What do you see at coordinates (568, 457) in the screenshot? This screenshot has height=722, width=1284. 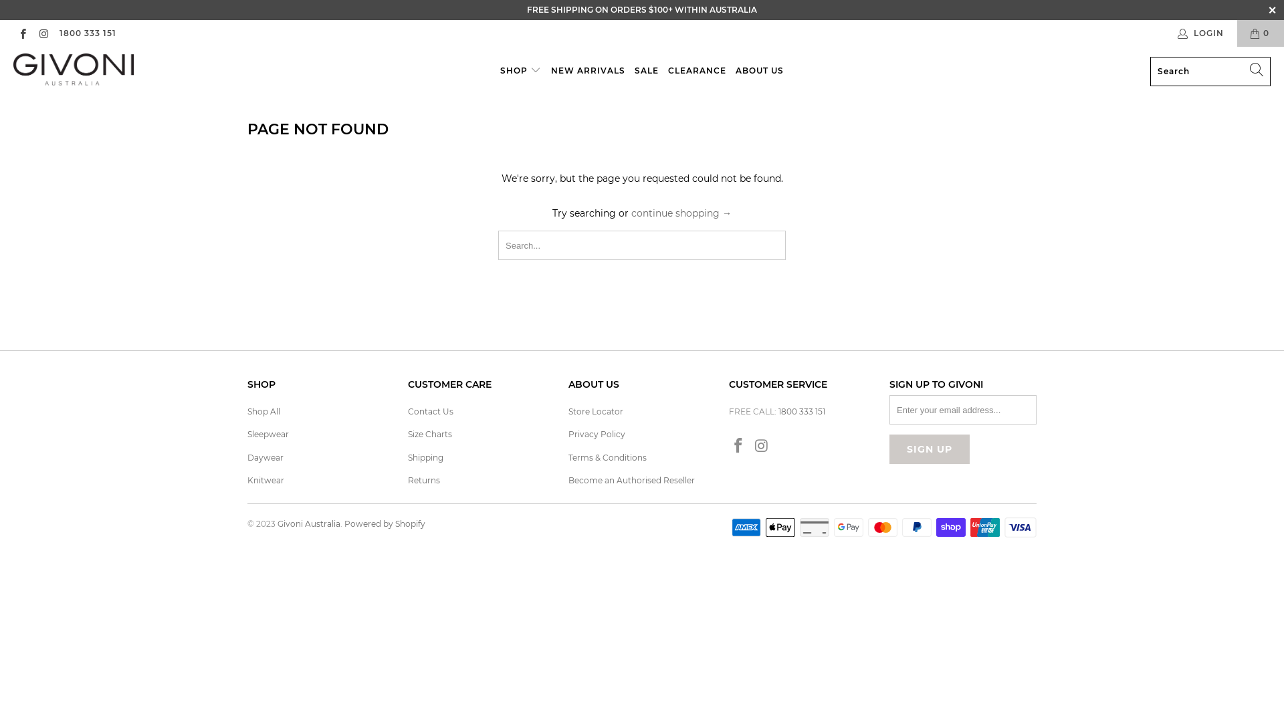 I see `'Terms & Conditions'` at bounding box center [568, 457].